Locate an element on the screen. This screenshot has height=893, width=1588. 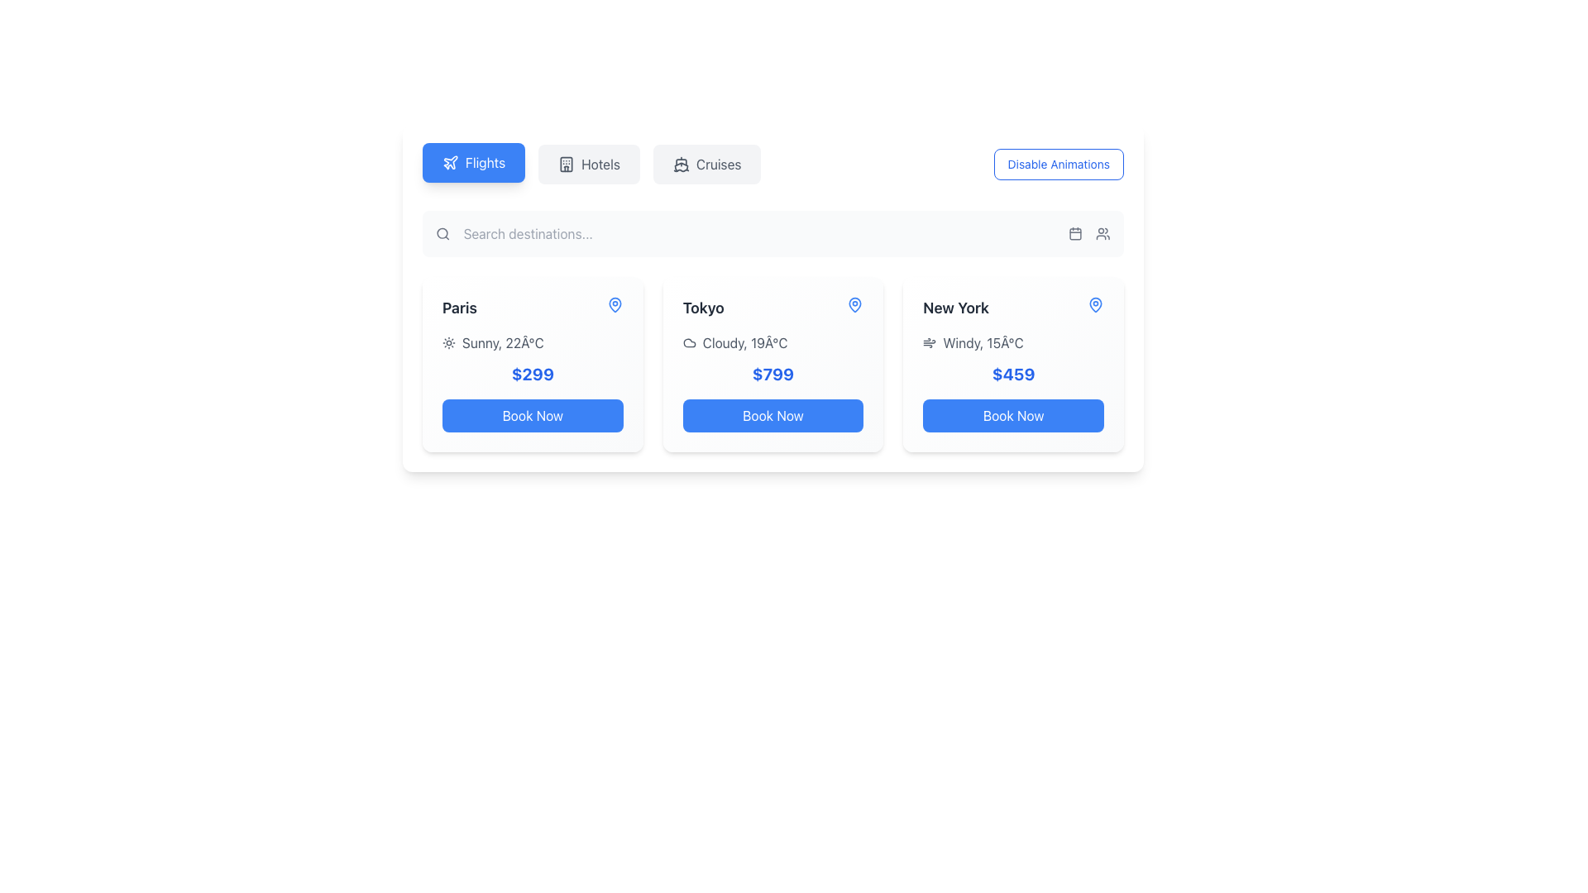
the cloud icon that represents the weather status for 'Tokyo', located before the text 'Cloudy, 19°C' is located at coordinates (689, 342).